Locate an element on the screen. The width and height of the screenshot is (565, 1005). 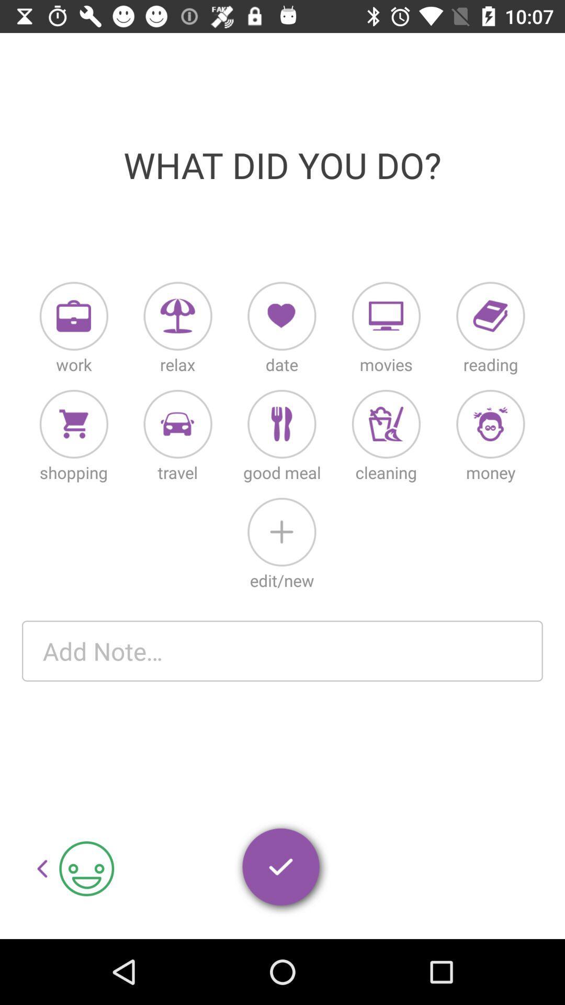
dating is located at coordinates (281, 316).